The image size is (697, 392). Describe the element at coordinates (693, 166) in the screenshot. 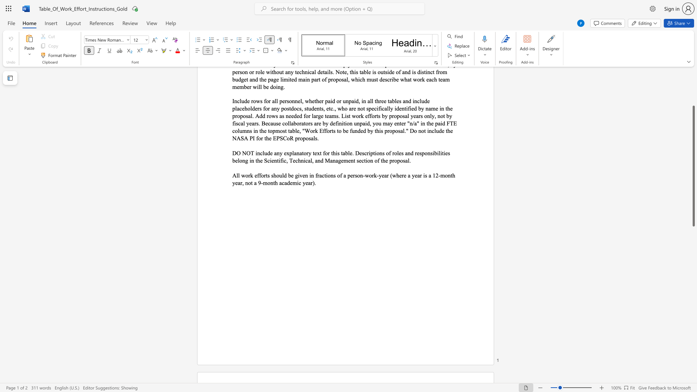

I see `the scrollbar and move down 980 pixels` at that location.